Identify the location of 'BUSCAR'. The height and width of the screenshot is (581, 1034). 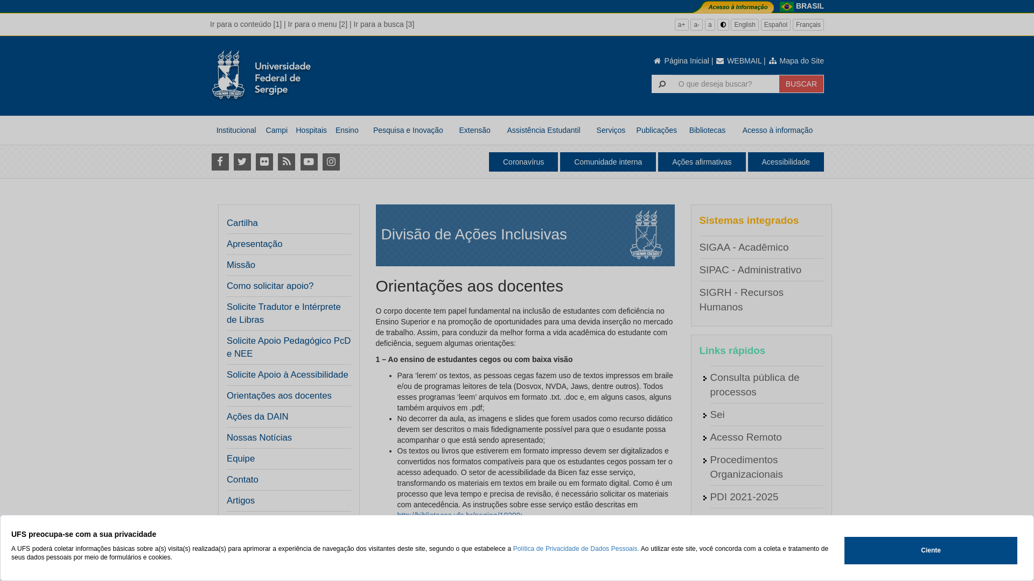
(779, 83).